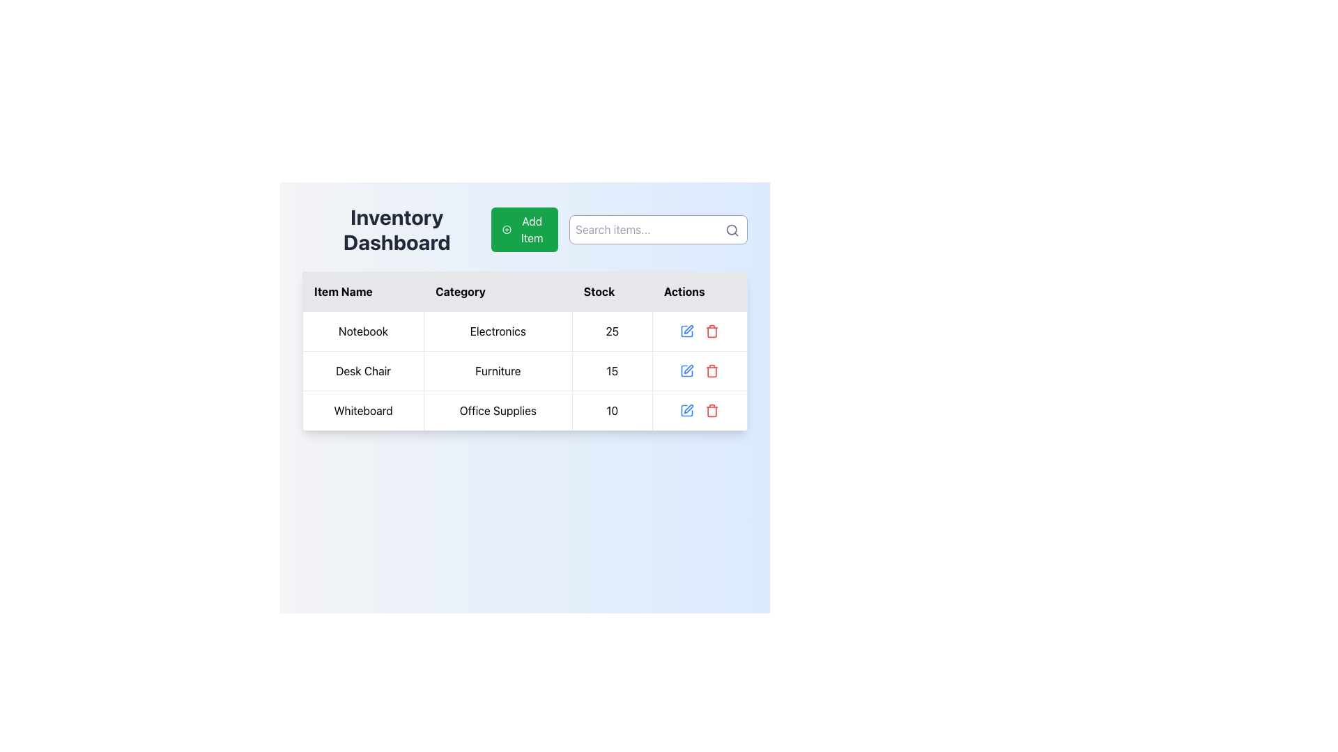 Image resolution: width=1338 pixels, height=752 pixels. I want to click on the 'delete item' button located in the bottom row of the table under the 'Actions' column, specifically the second icon in the cell, so click(712, 410).